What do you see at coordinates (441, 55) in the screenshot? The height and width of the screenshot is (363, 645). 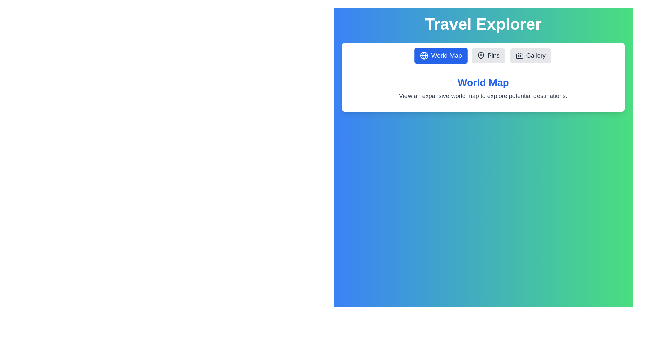 I see `the tab button labeled World Map to switch to the corresponding tab` at bounding box center [441, 55].